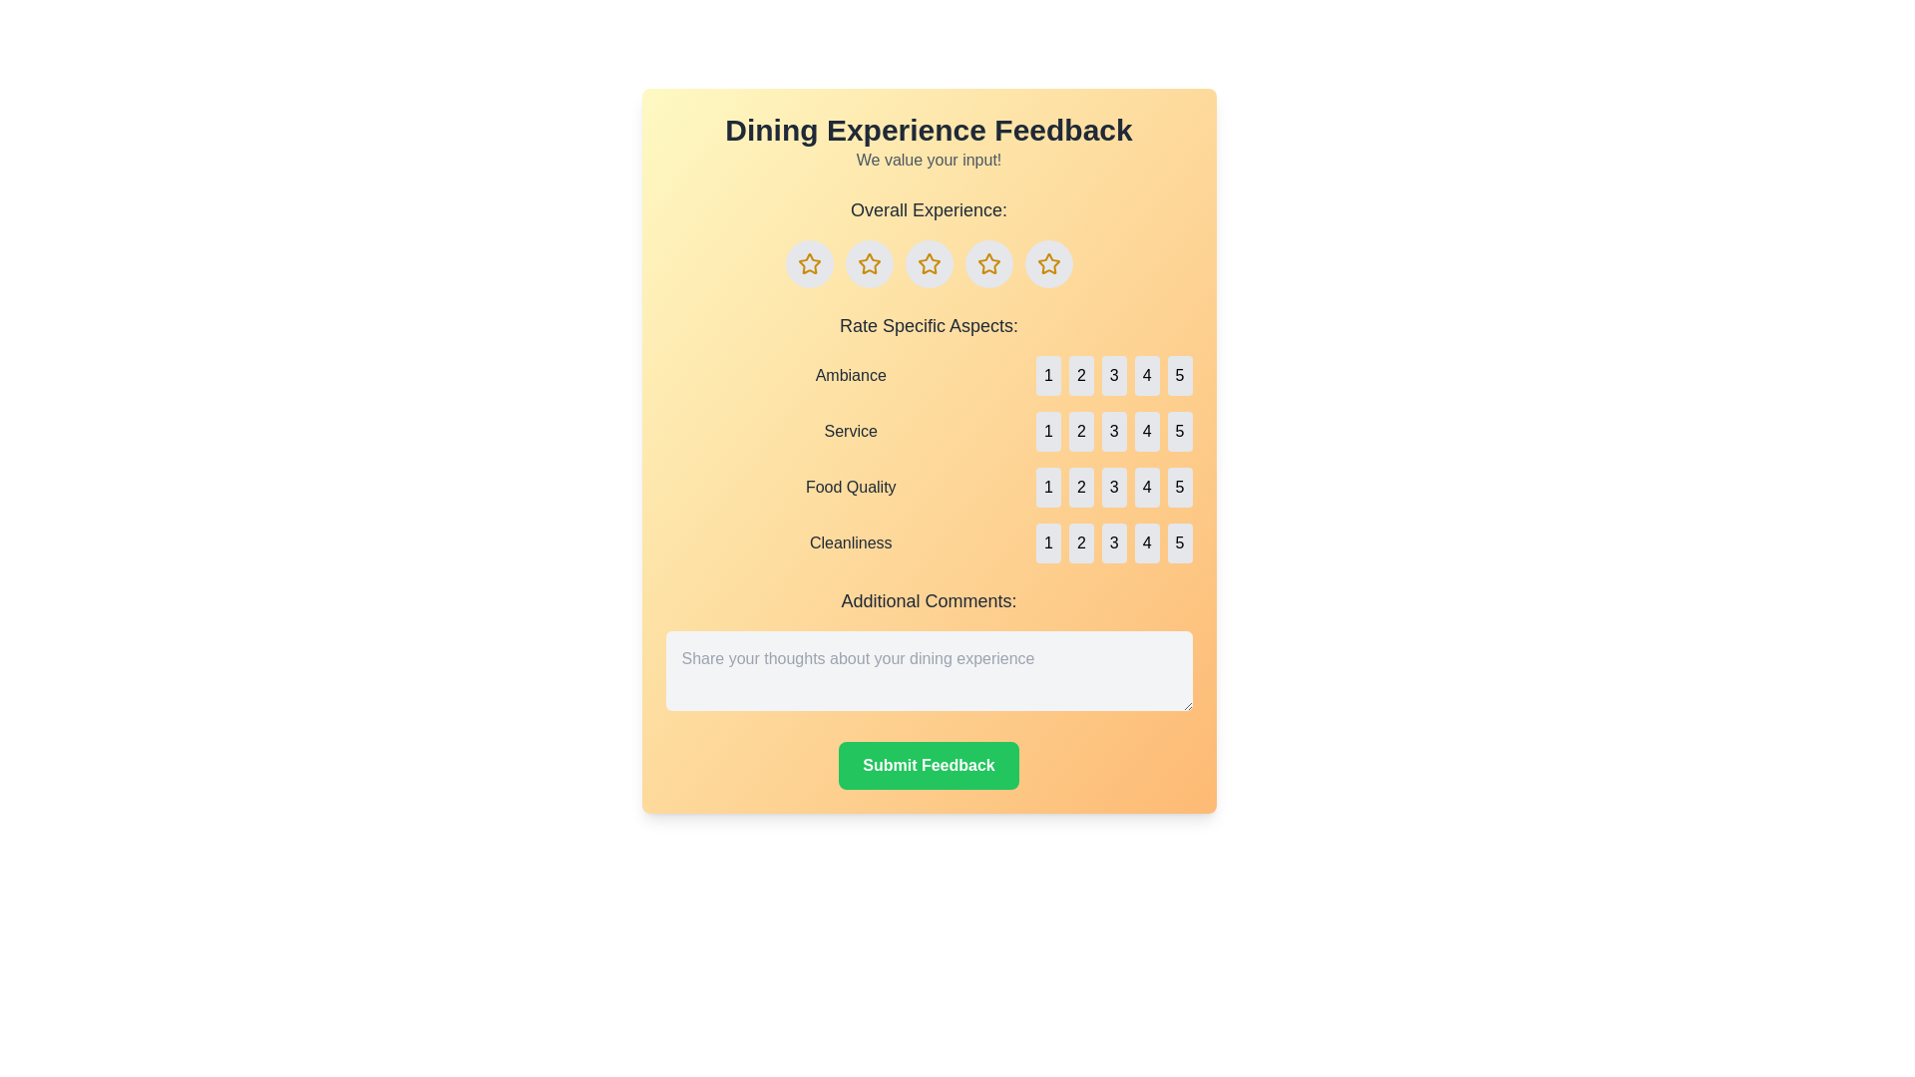 The image size is (1915, 1077). I want to click on on the fourth star rating icon under the 'Overall Experience' label, so click(987, 261).